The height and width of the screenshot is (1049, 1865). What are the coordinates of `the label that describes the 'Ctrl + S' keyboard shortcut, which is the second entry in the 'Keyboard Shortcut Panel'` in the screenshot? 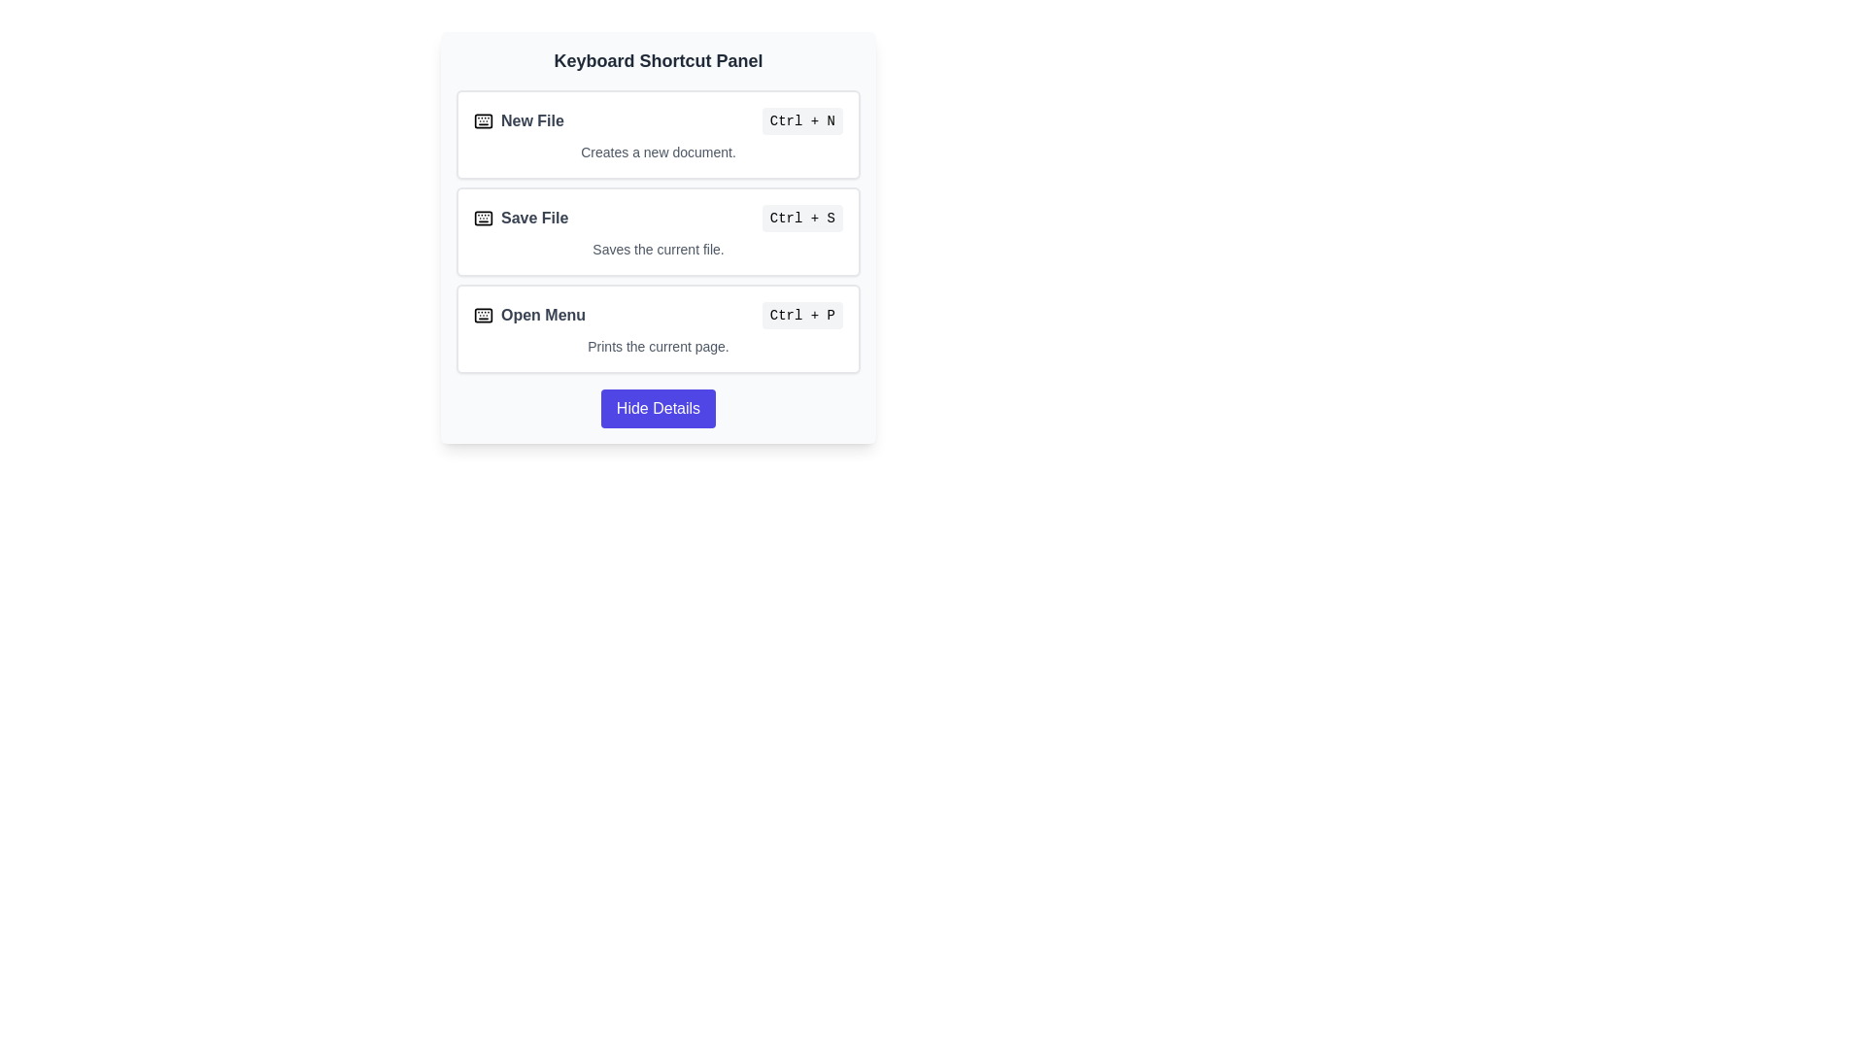 It's located at (521, 218).